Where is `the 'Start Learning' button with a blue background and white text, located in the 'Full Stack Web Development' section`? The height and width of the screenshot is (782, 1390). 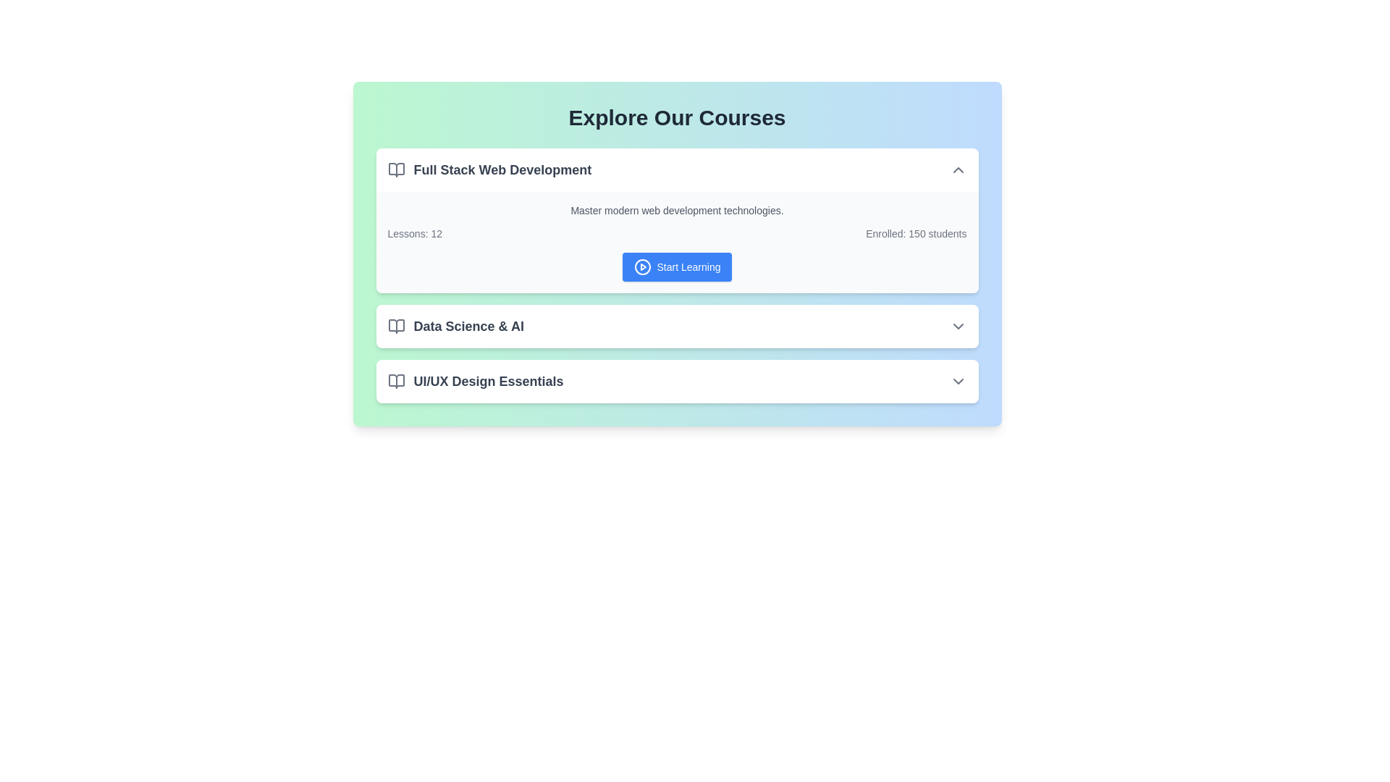
the 'Start Learning' button with a blue background and white text, located in the 'Full Stack Web Development' section is located at coordinates (676, 267).